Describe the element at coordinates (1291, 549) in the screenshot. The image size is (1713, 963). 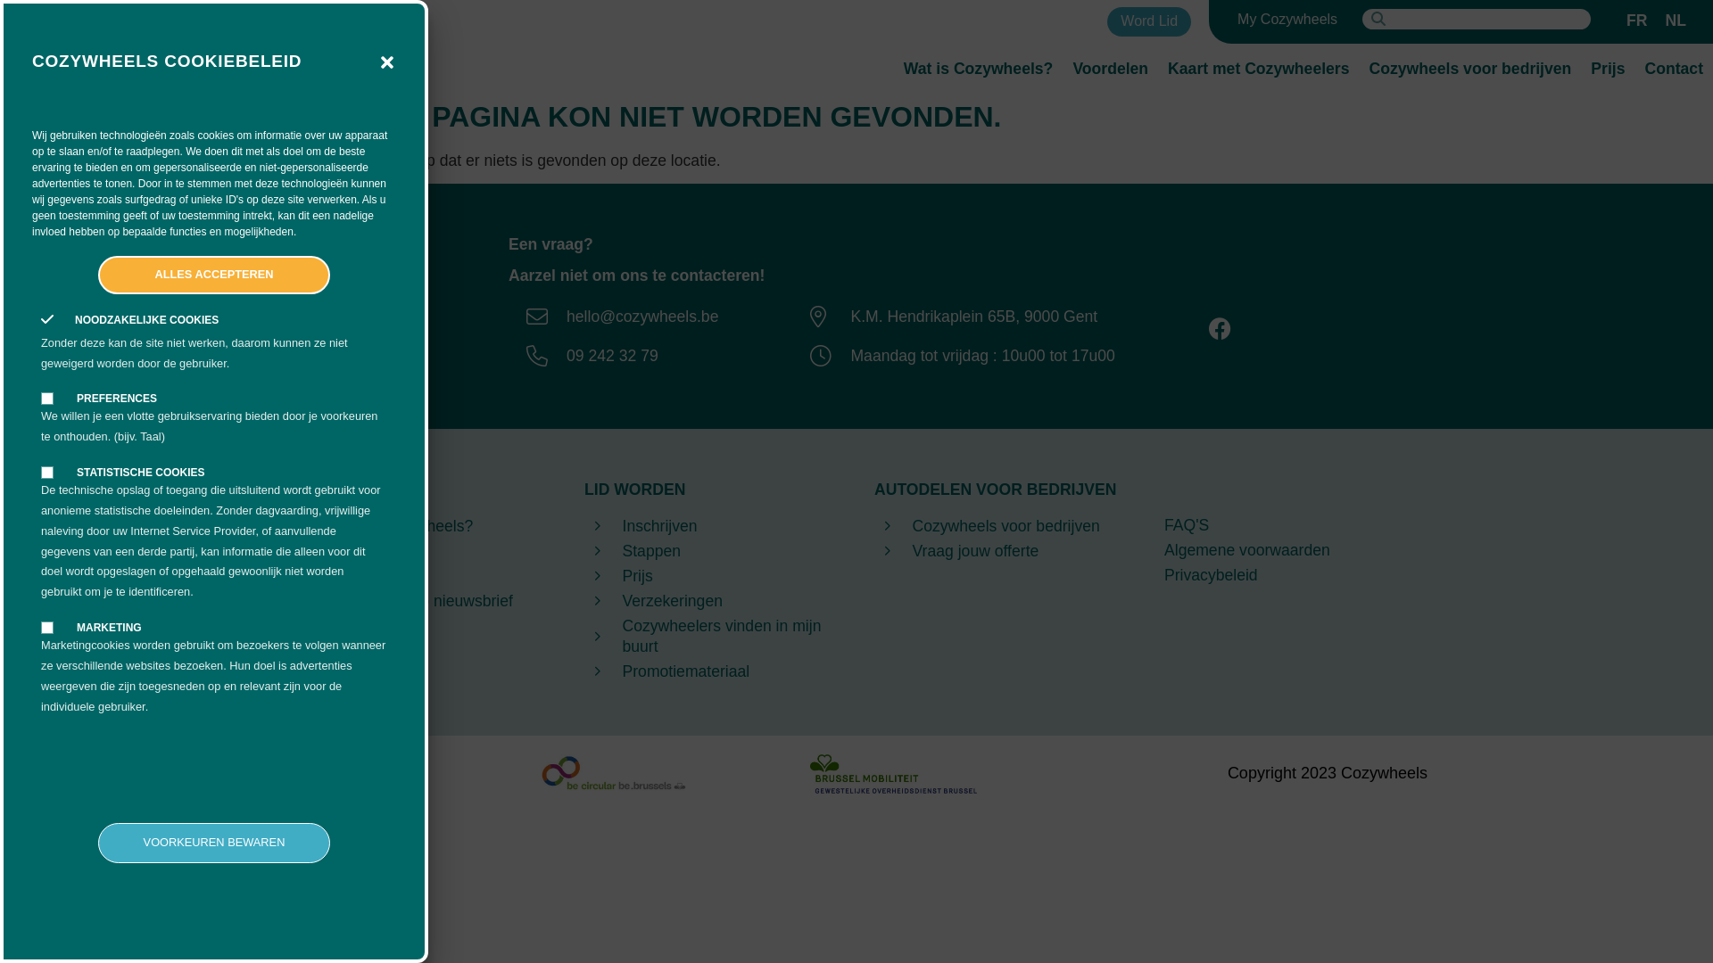
I see `'Algemene voorwaarden'` at that location.